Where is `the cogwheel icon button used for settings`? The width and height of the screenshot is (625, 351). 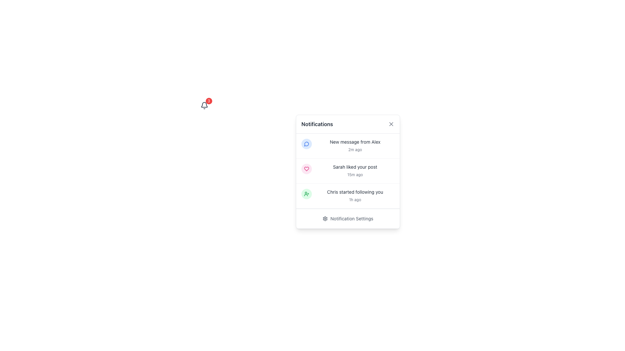 the cogwheel icon button used for settings is located at coordinates (325, 218).